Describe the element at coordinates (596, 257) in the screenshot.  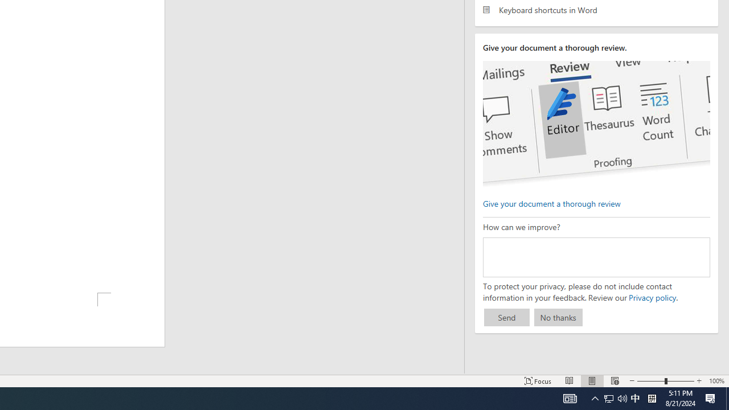
I see `'How can we improve?'` at that location.